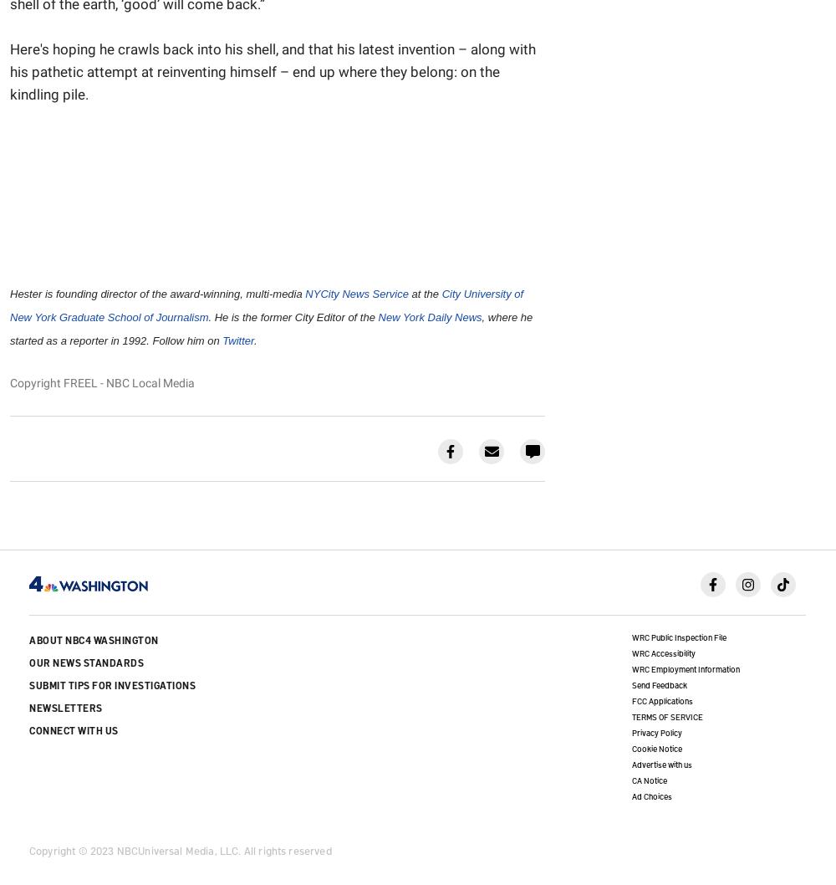 This screenshot has height=885, width=836. Describe the element at coordinates (93, 640) in the screenshot. I see `'About NBC4 Washington'` at that location.